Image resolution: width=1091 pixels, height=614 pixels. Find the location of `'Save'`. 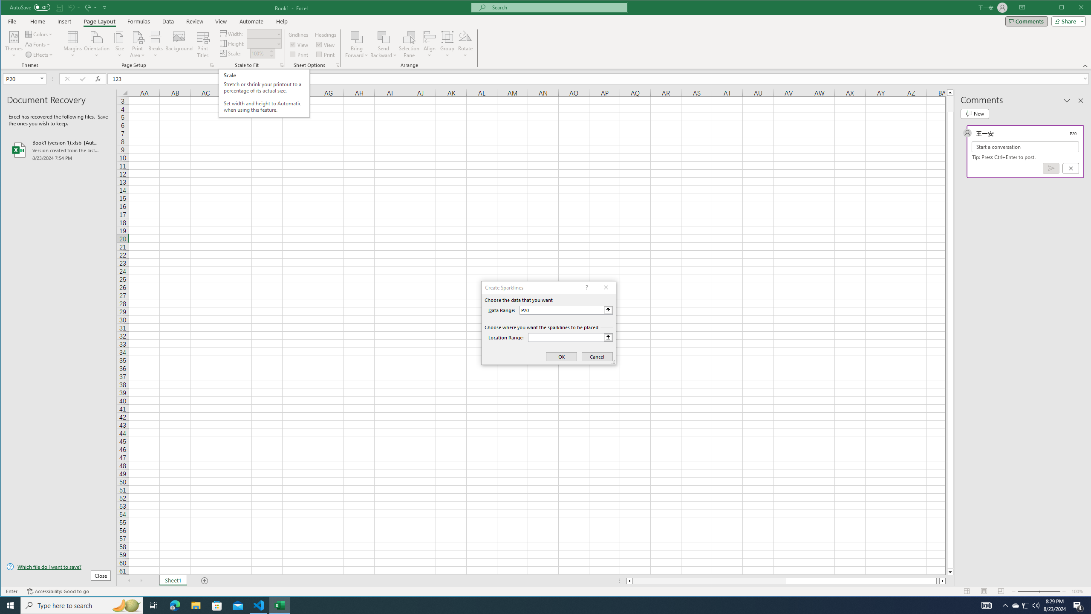

'Save' is located at coordinates (59, 7).